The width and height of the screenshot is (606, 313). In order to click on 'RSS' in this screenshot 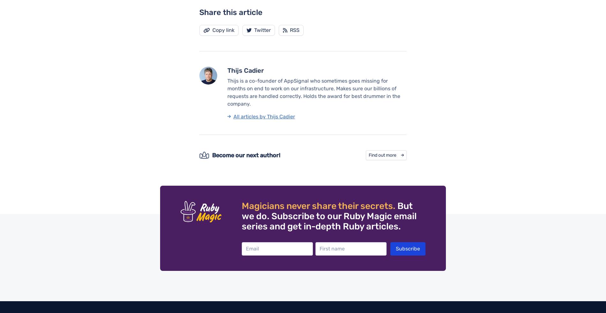, I will do `click(289, 29)`.